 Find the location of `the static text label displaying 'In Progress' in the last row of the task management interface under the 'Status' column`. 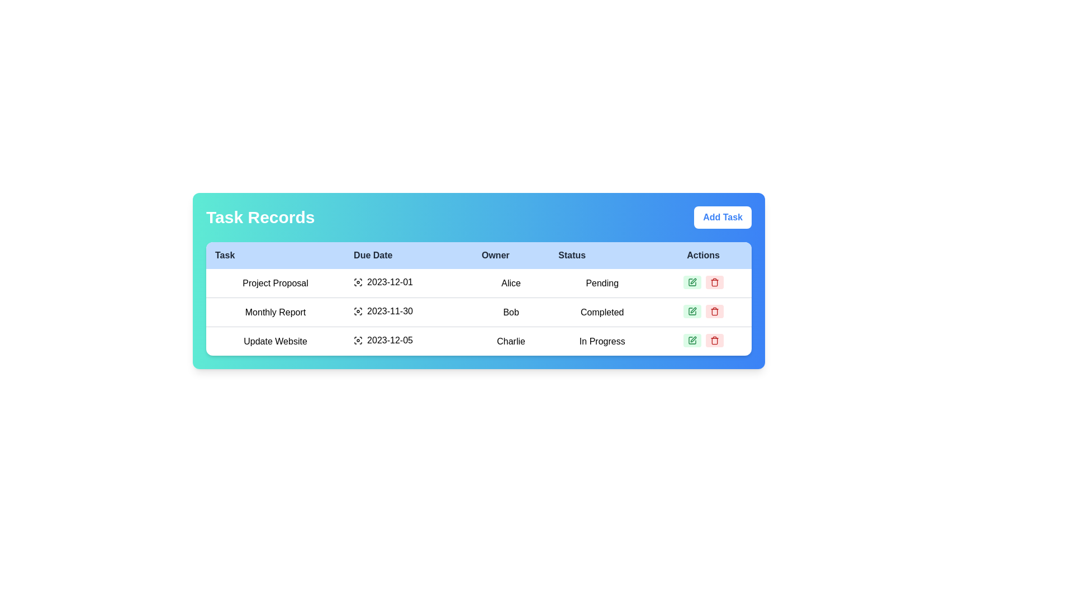

the static text label displaying 'In Progress' in the last row of the task management interface under the 'Status' column is located at coordinates (601, 341).